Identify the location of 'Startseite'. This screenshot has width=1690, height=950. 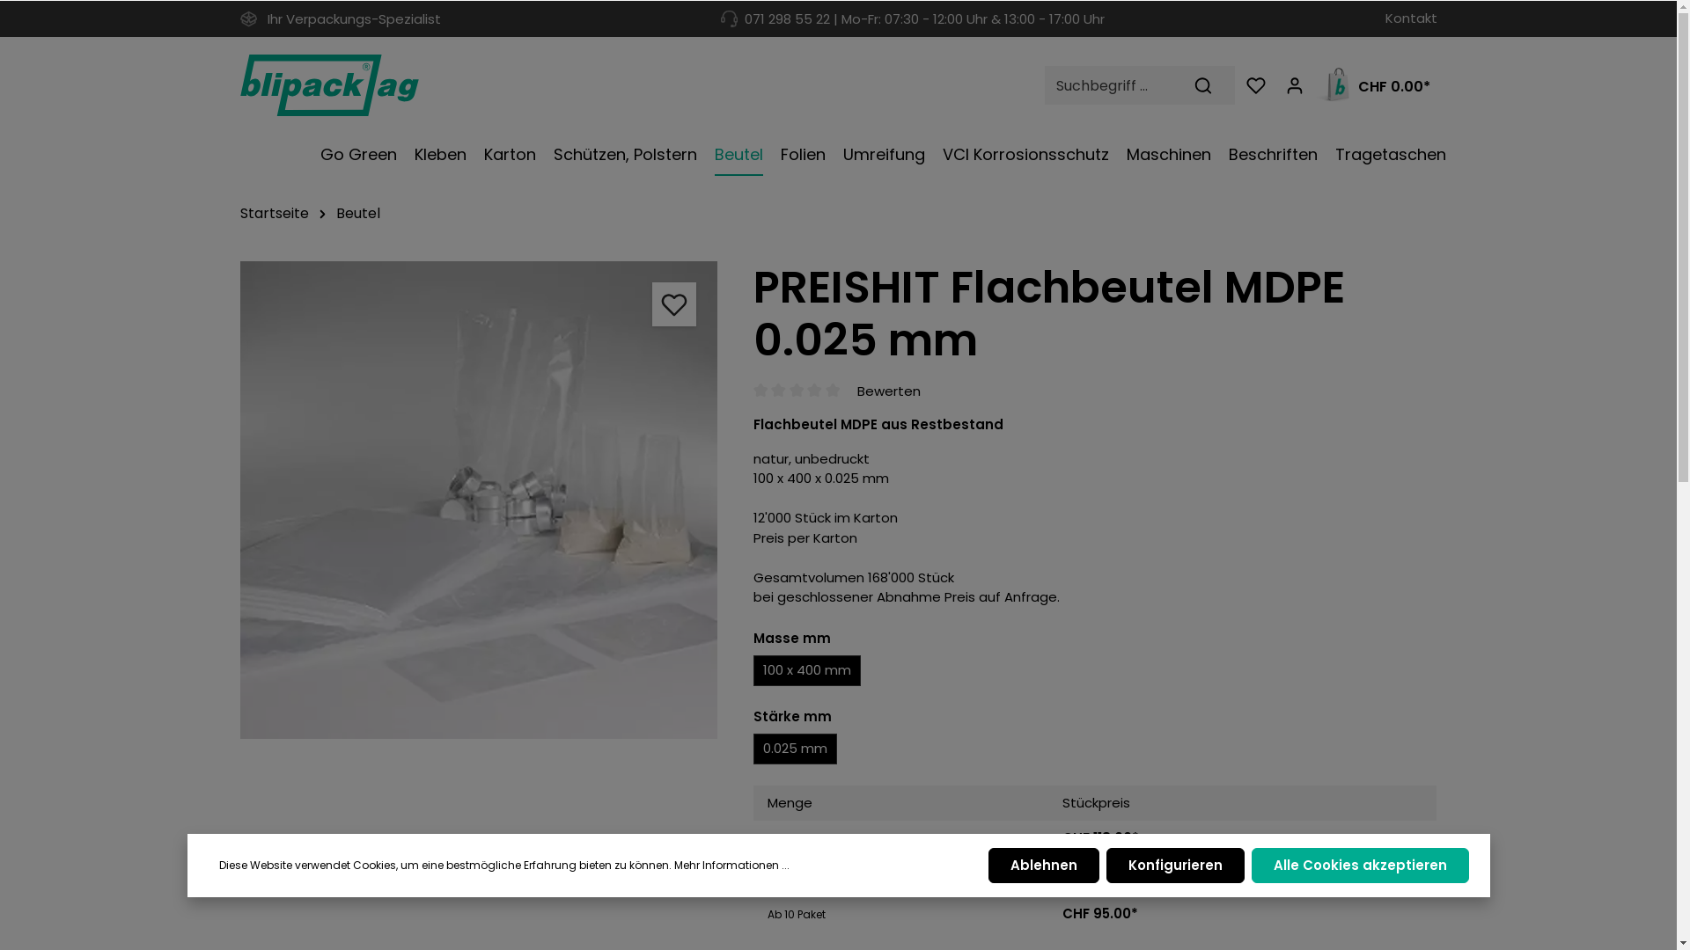
(273, 212).